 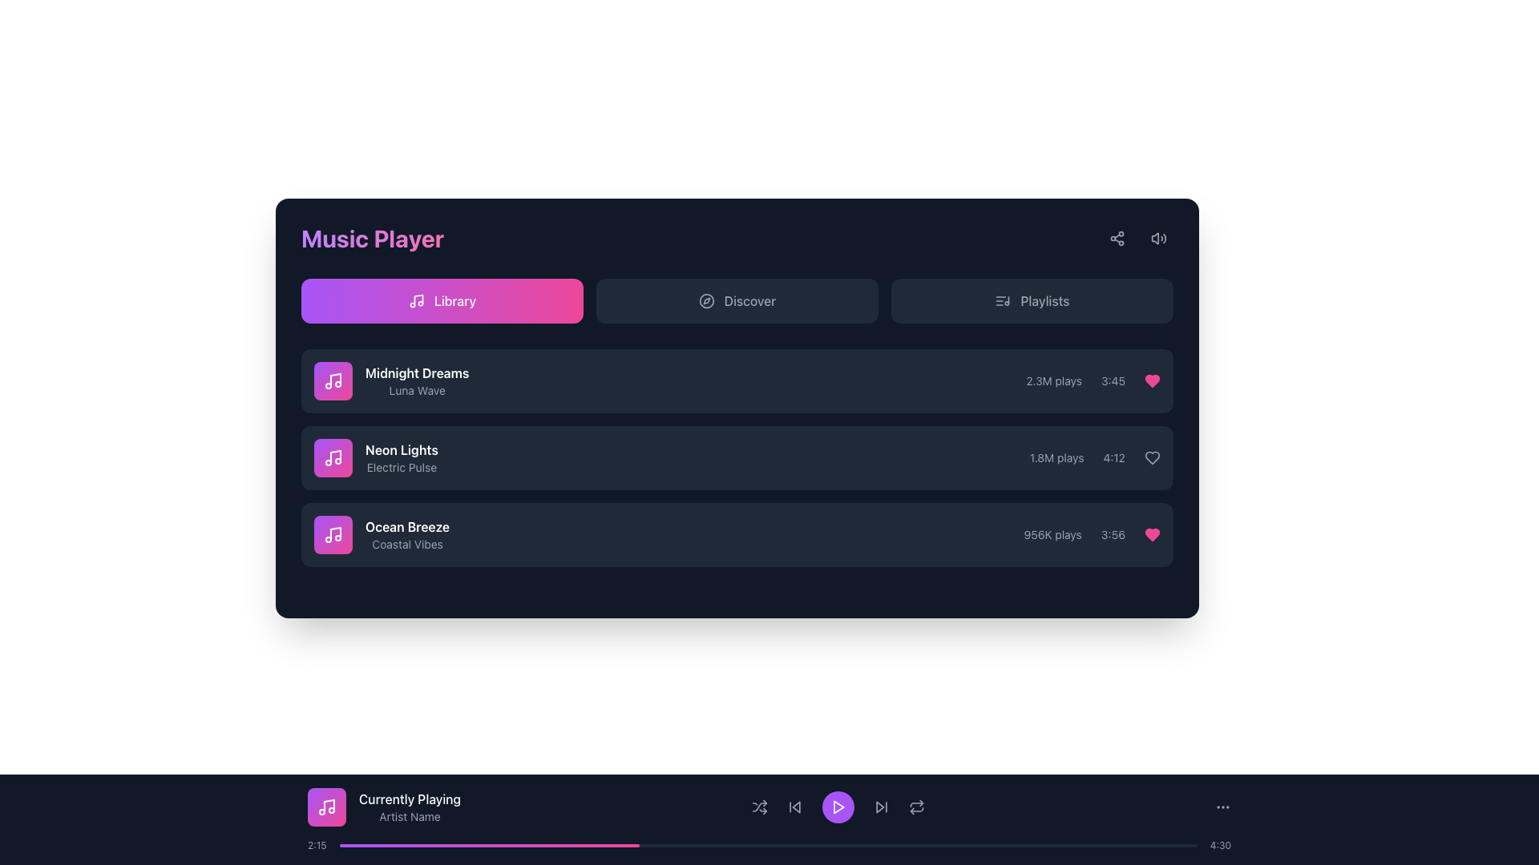 I want to click on the bright pink heart icon located in the upper-right corner of the first row of the music track list, so click(x=1152, y=380).